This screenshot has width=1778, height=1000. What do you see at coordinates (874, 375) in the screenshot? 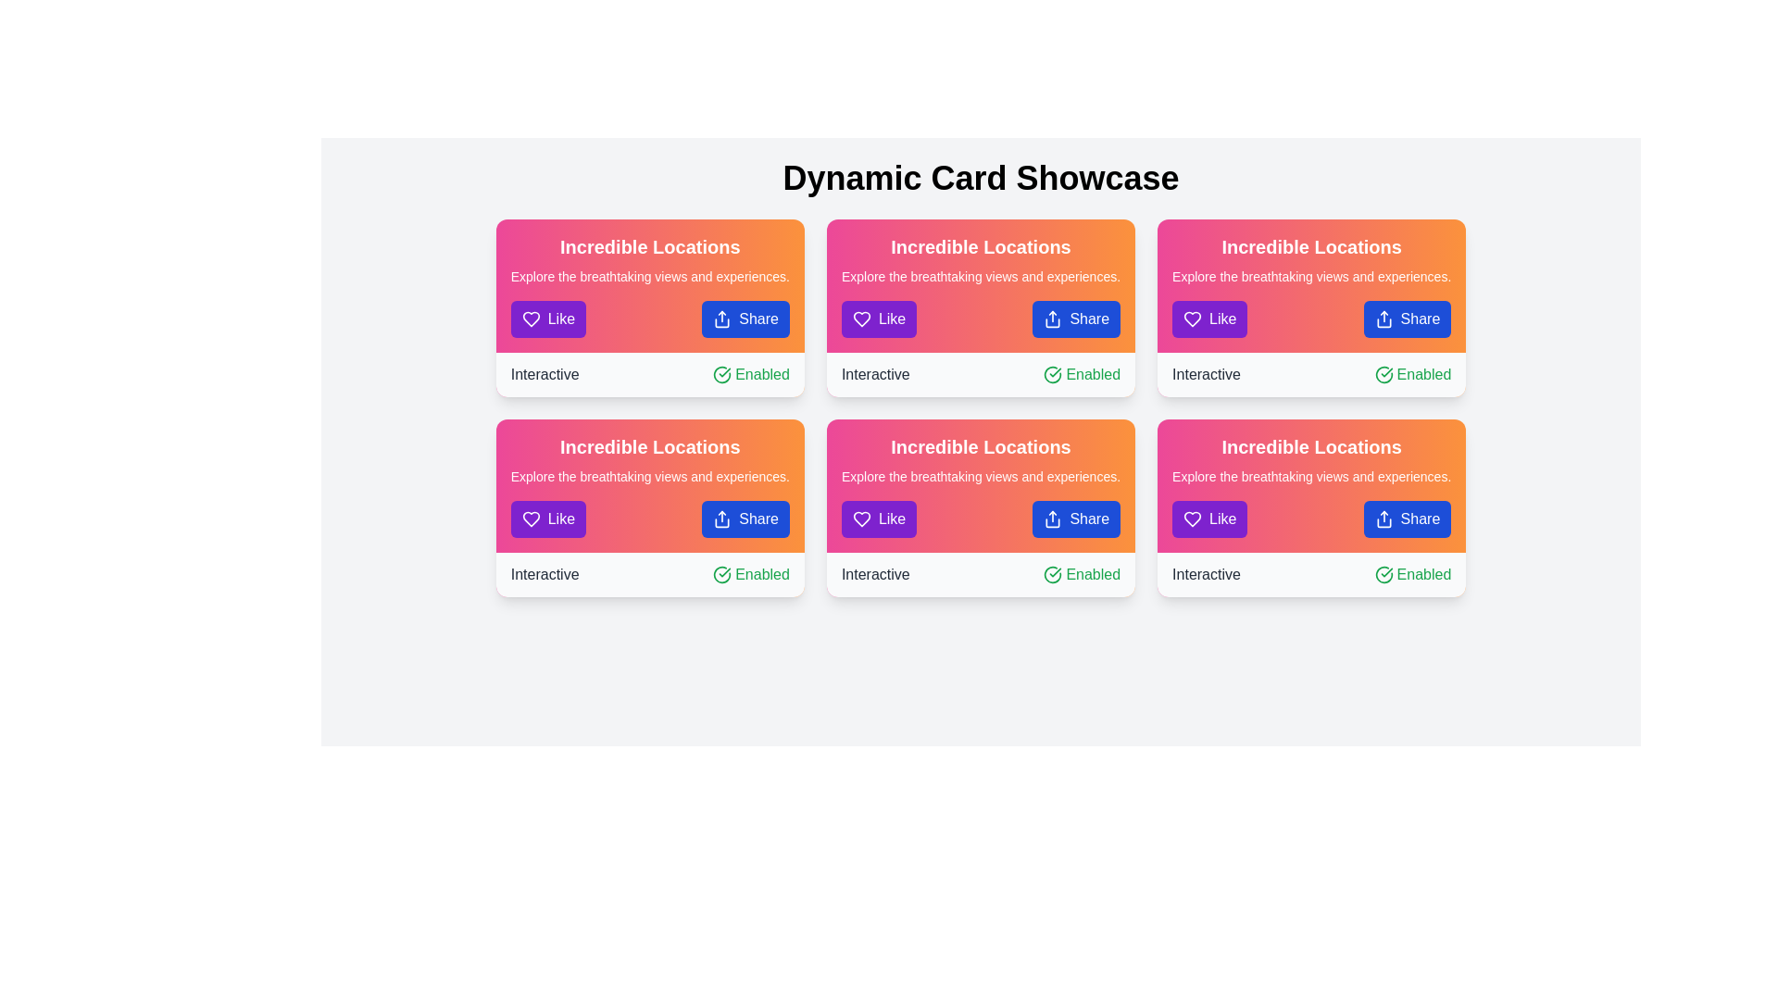
I see `the label indicating the interactivity status of the associated card located in the second column of the top row of the grid layout` at bounding box center [874, 375].